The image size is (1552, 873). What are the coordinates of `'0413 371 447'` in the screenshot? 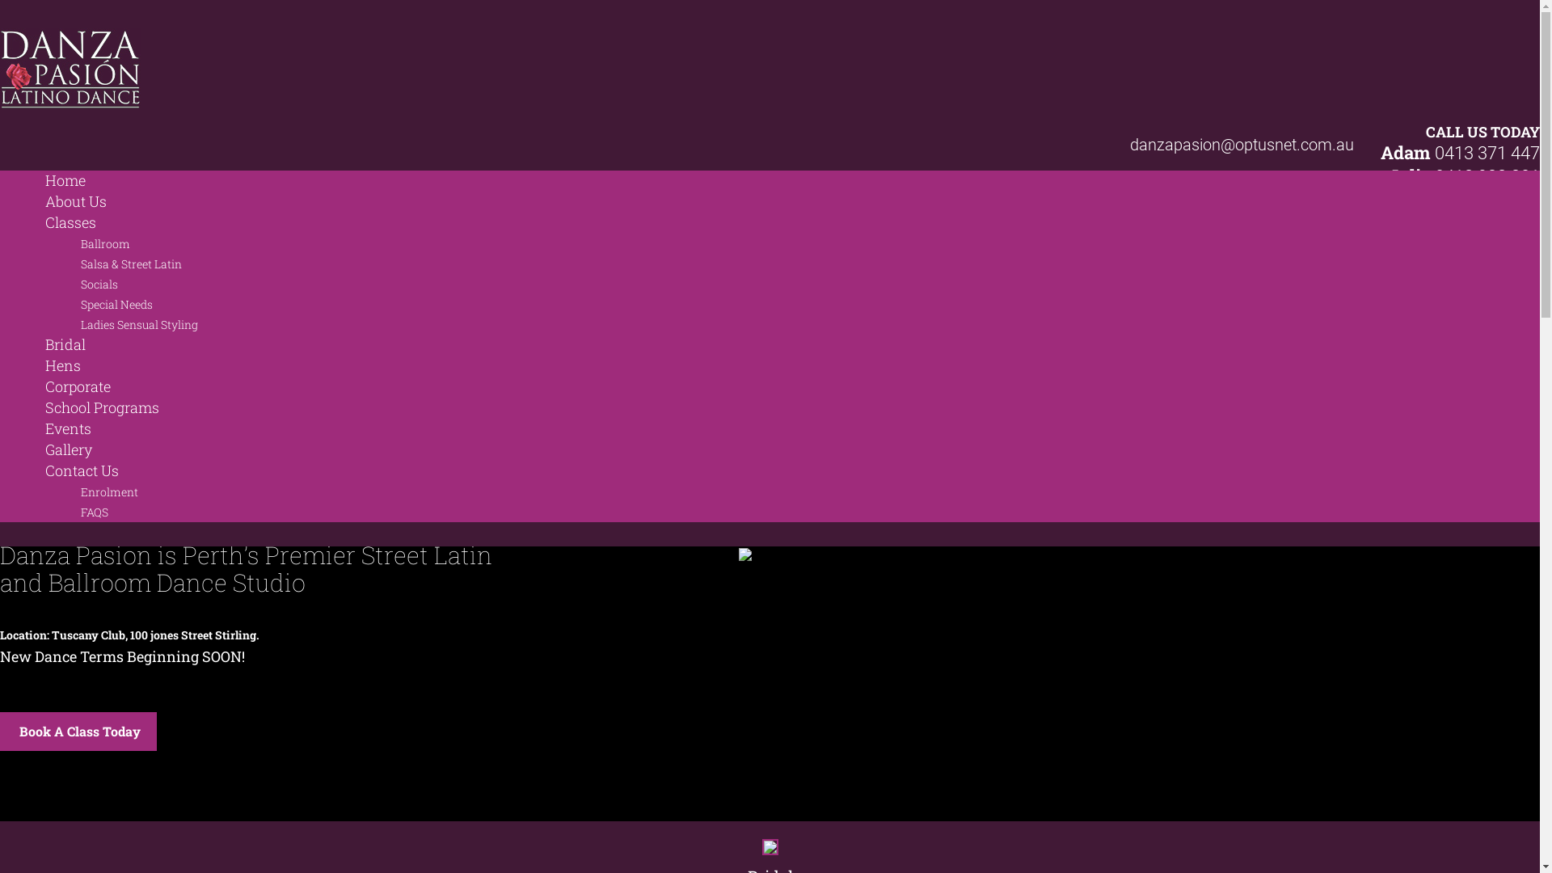 It's located at (1435, 153).